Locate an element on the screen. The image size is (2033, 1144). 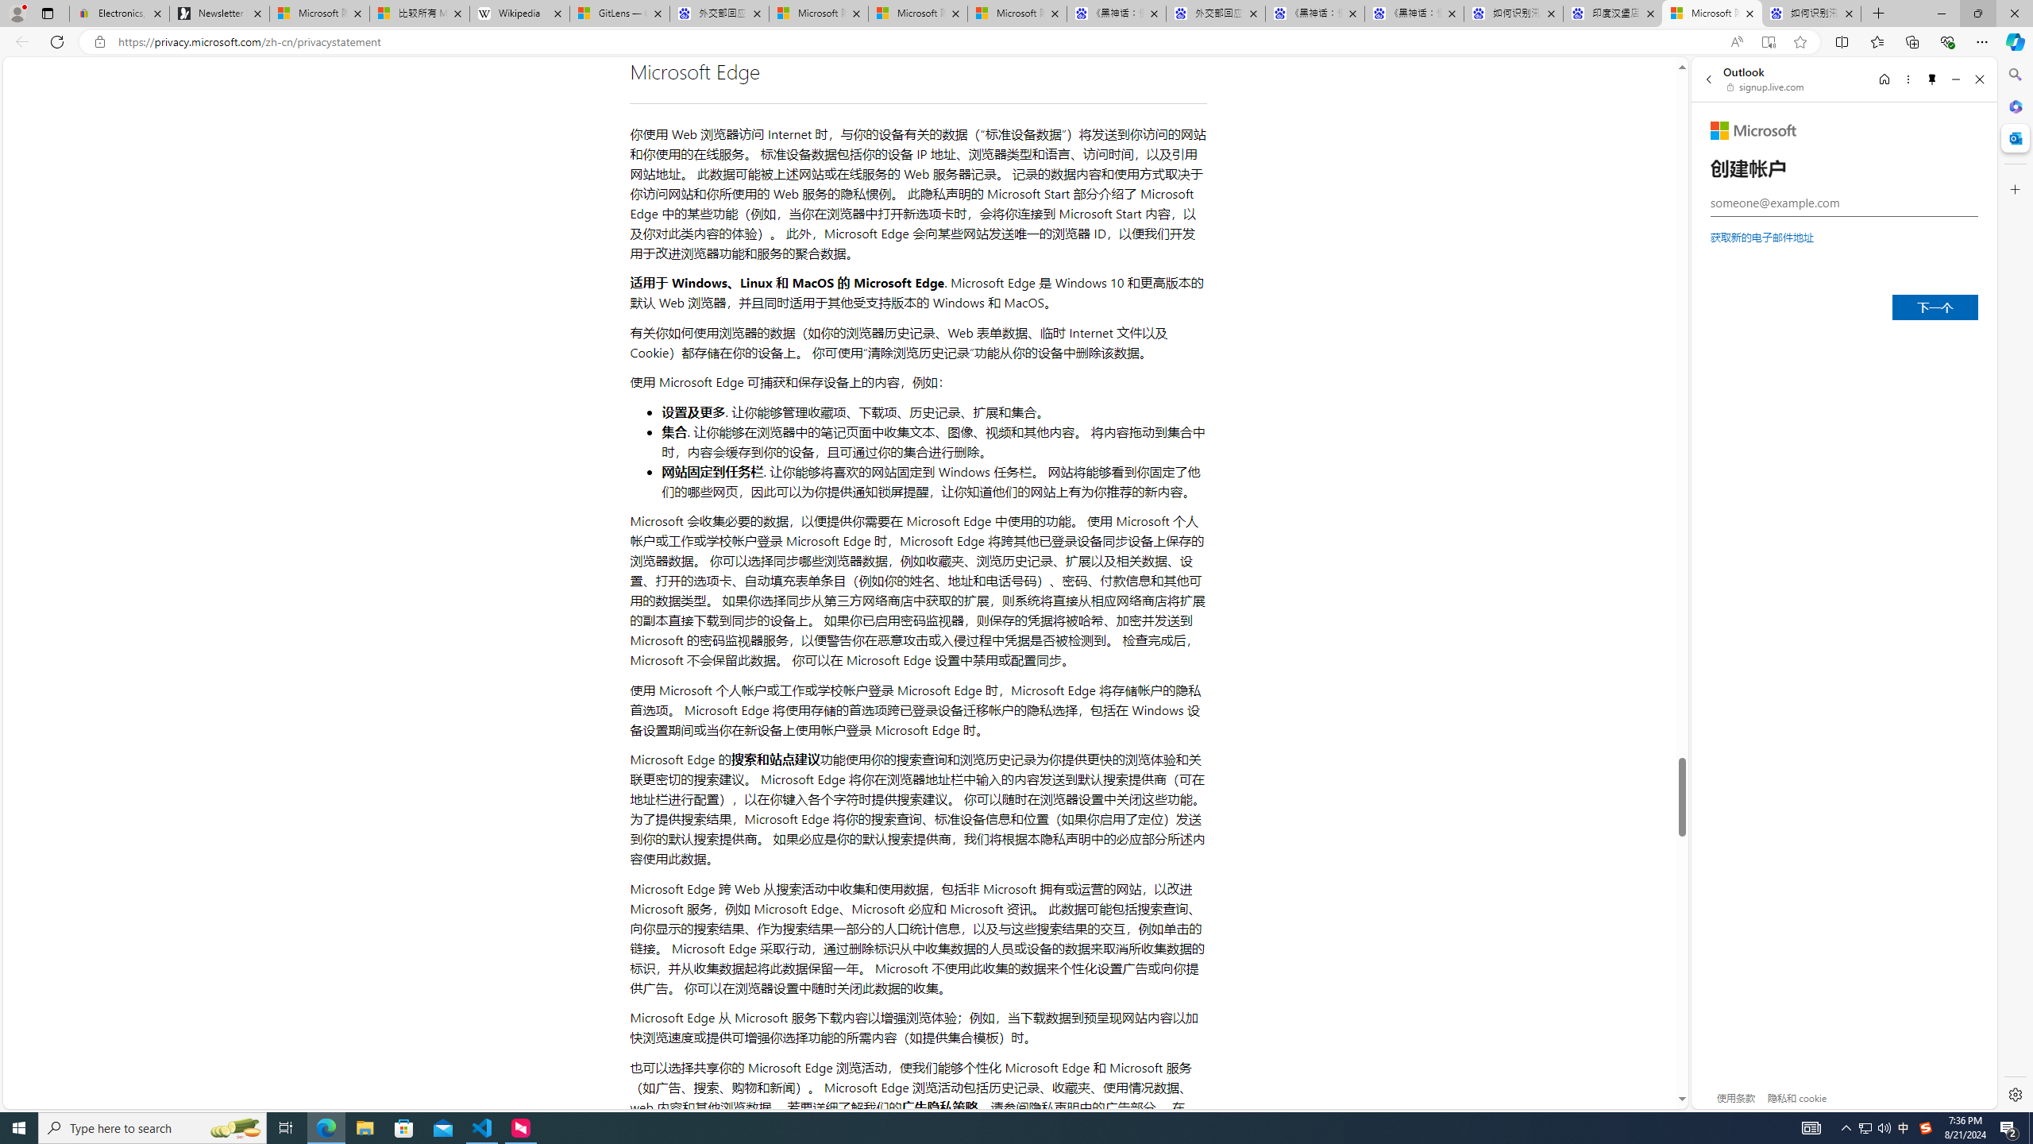
'Collections' is located at coordinates (1911, 41).